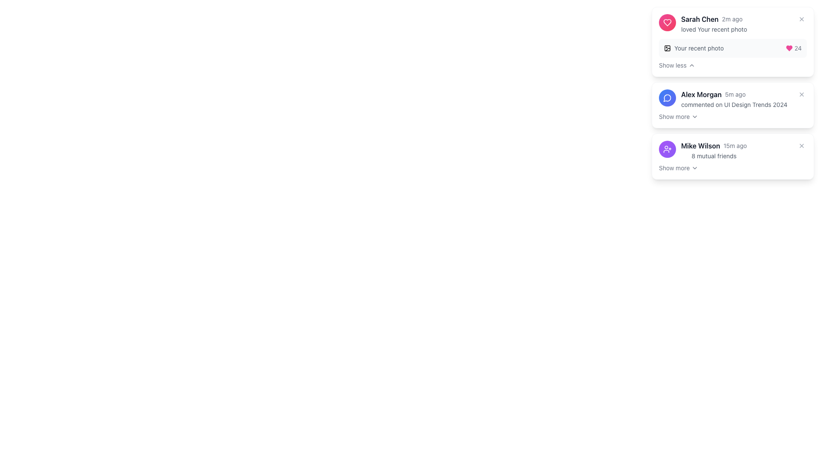 The image size is (821, 462). Describe the element at coordinates (793, 48) in the screenshot. I see `the icon with the numerical text indicator that shows the likes for 'Your recent photo' in the top notification card of the right sidebar to get more details` at that location.